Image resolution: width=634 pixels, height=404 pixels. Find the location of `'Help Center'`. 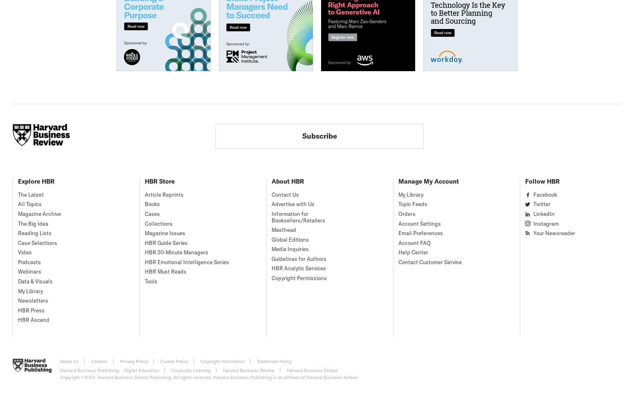

'Help Center' is located at coordinates (413, 252).